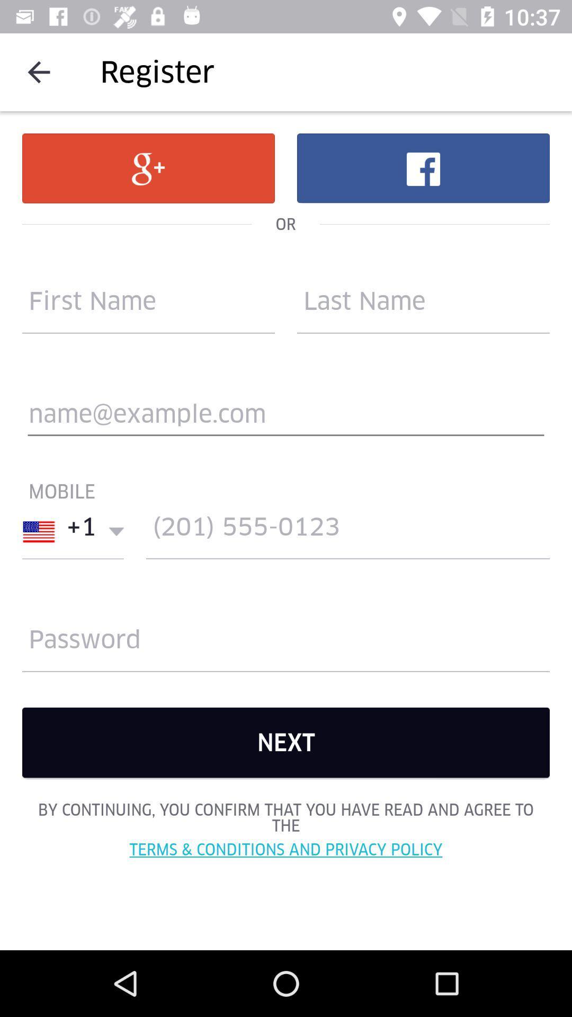  Describe the element at coordinates (347, 532) in the screenshot. I see `contact mobile no` at that location.